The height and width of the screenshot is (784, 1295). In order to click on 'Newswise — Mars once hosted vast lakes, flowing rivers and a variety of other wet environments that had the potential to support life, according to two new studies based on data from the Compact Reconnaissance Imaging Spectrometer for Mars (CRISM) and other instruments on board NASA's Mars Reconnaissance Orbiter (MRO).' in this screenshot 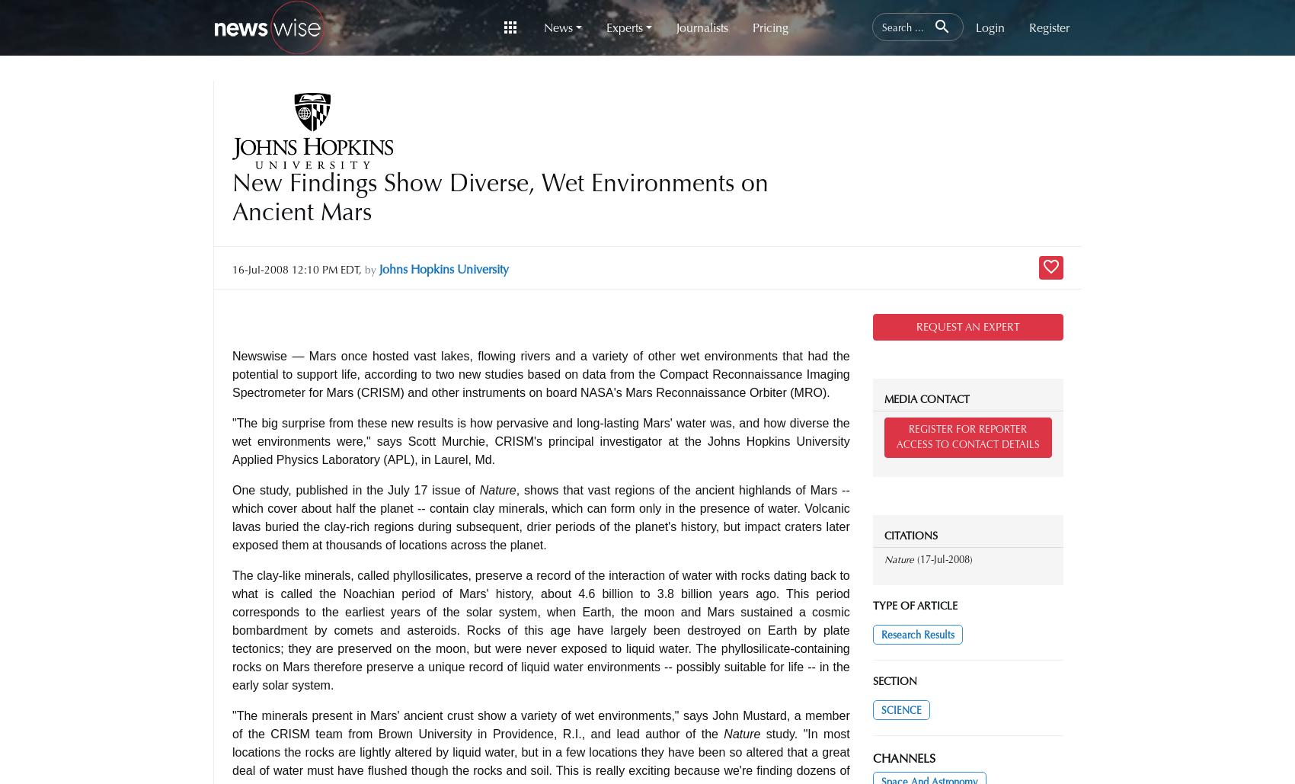, I will do `click(540, 373)`.